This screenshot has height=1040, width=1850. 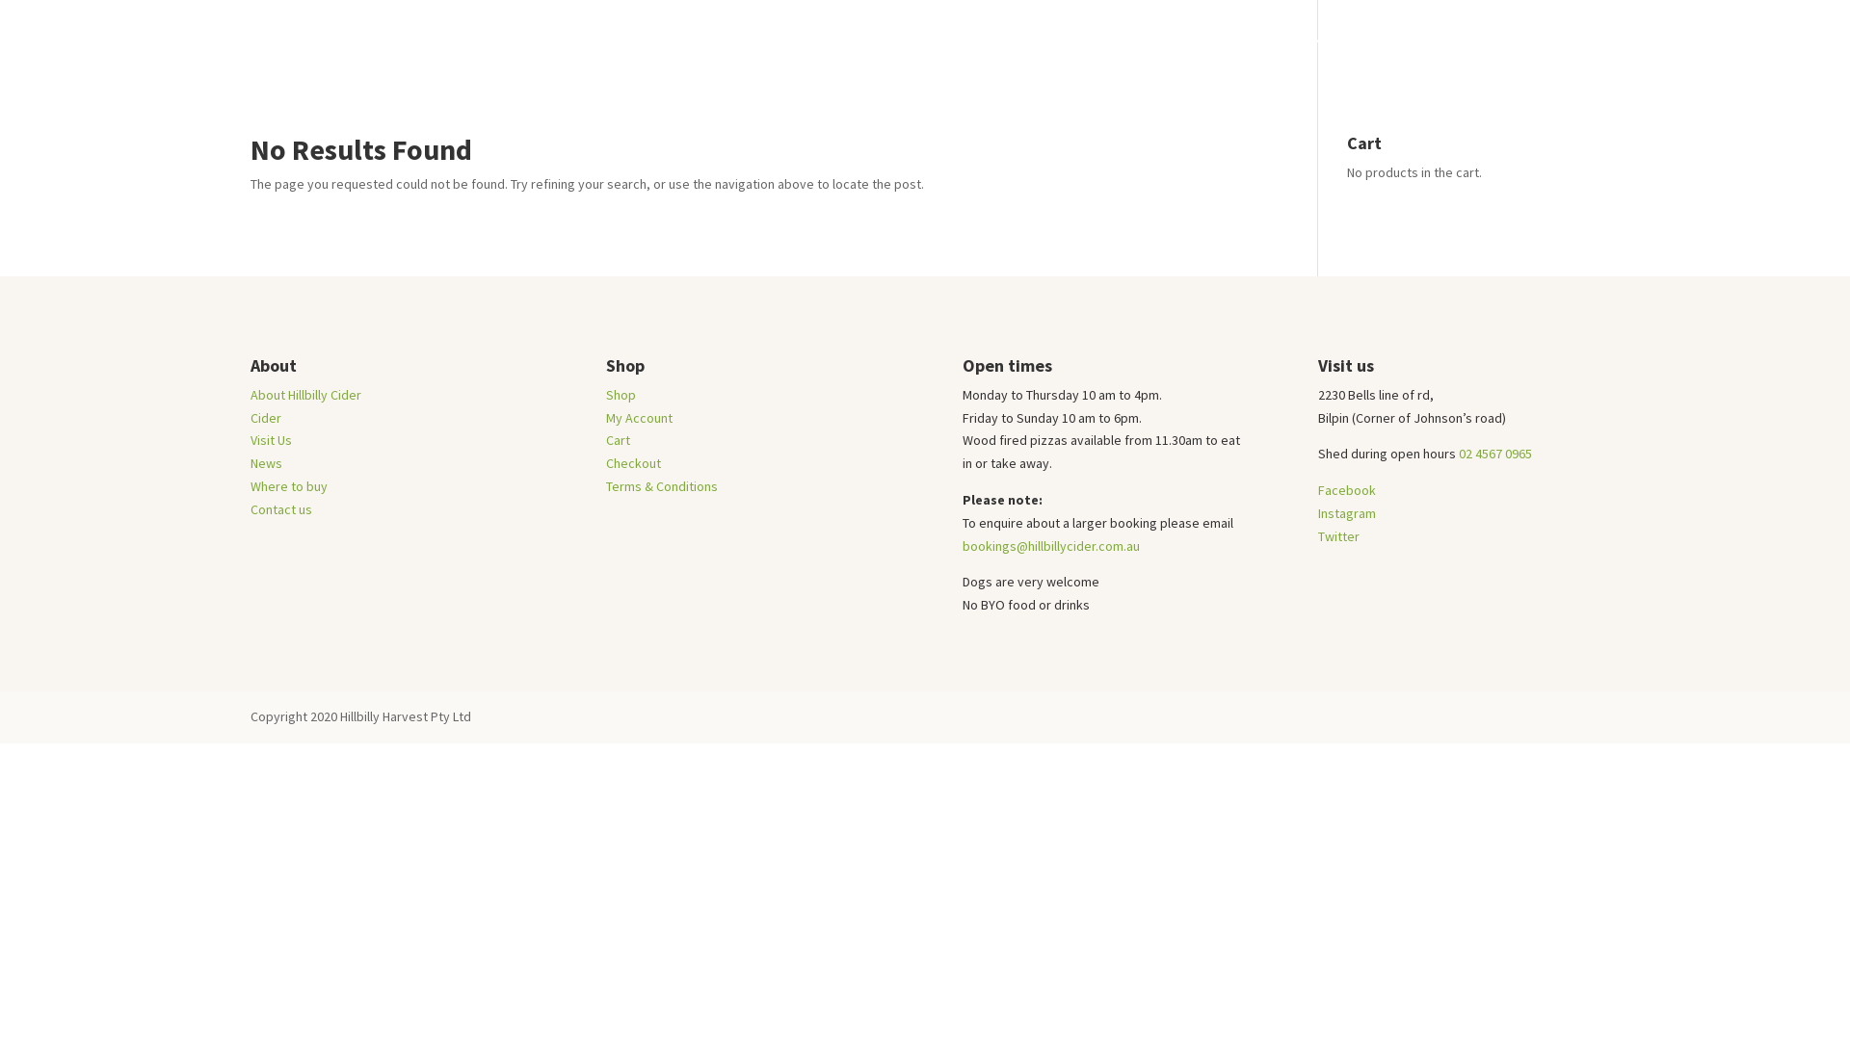 What do you see at coordinates (1348, 54) in the screenshot?
I see `'Visit Us'` at bounding box center [1348, 54].